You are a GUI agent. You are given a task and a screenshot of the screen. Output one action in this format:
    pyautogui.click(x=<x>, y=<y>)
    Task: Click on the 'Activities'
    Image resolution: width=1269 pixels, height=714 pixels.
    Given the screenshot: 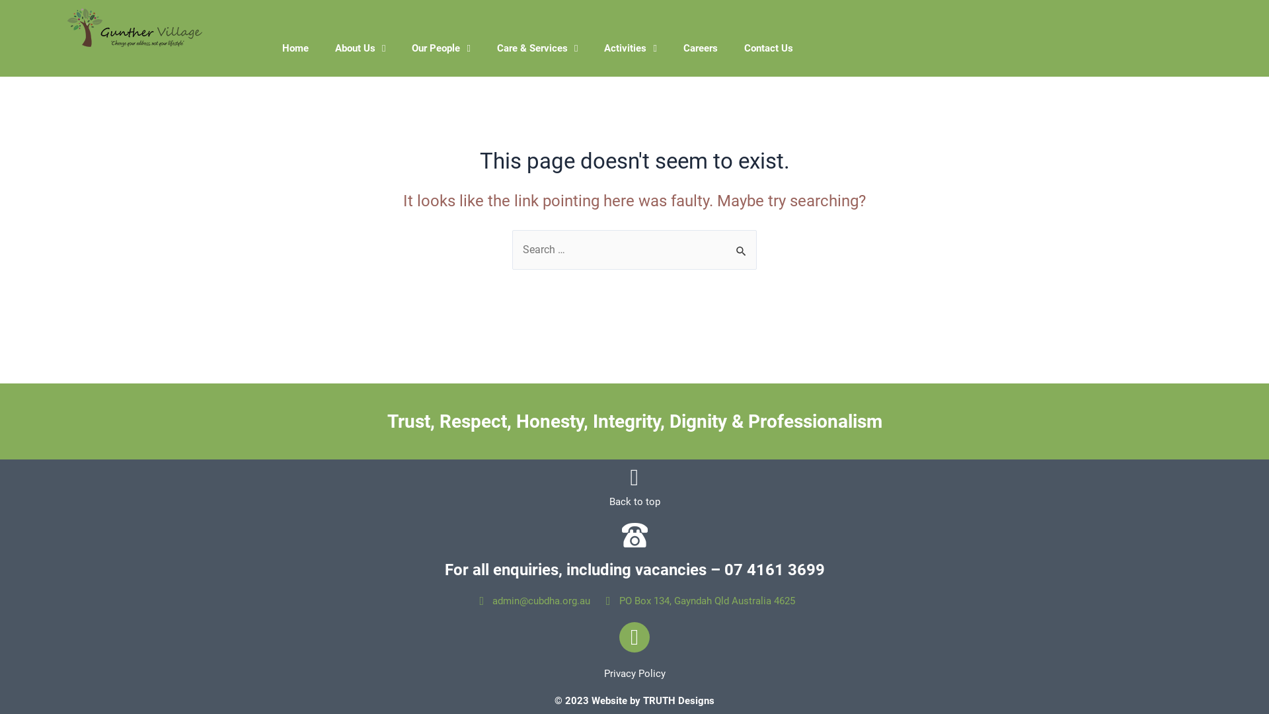 What is the action you would take?
    pyautogui.click(x=629, y=48)
    